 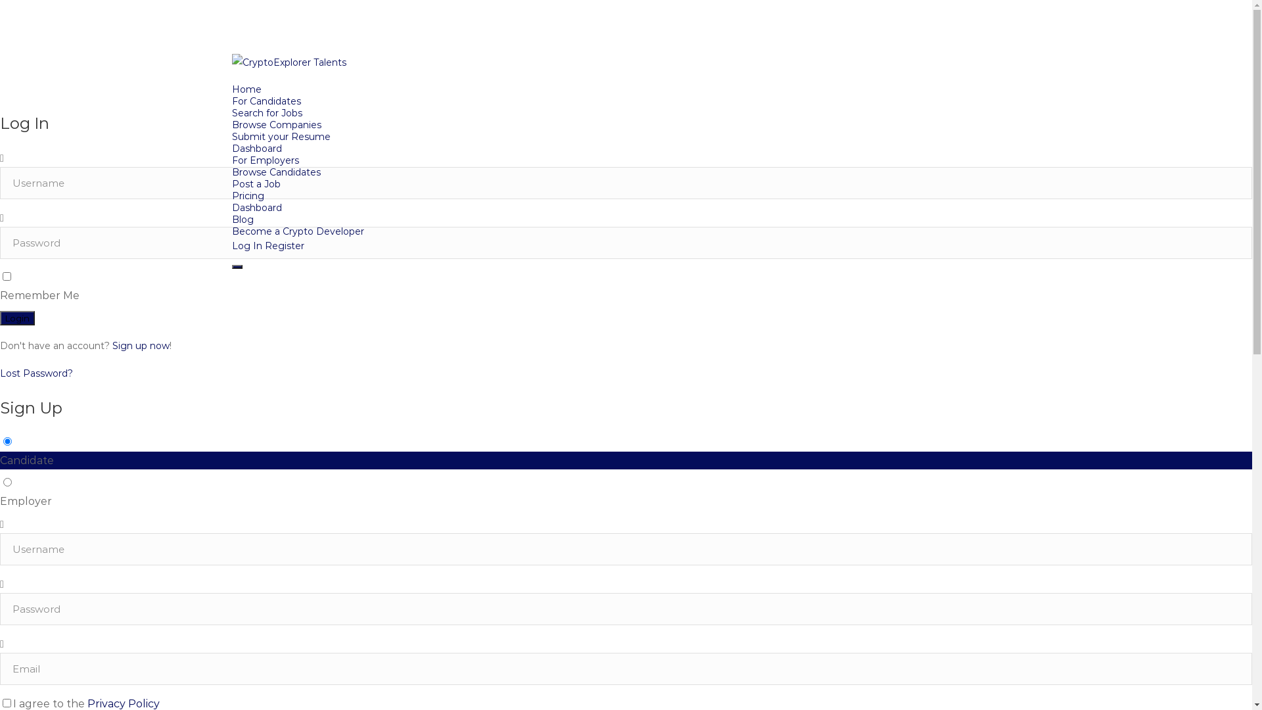 What do you see at coordinates (246, 89) in the screenshot?
I see `'Home'` at bounding box center [246, 89].